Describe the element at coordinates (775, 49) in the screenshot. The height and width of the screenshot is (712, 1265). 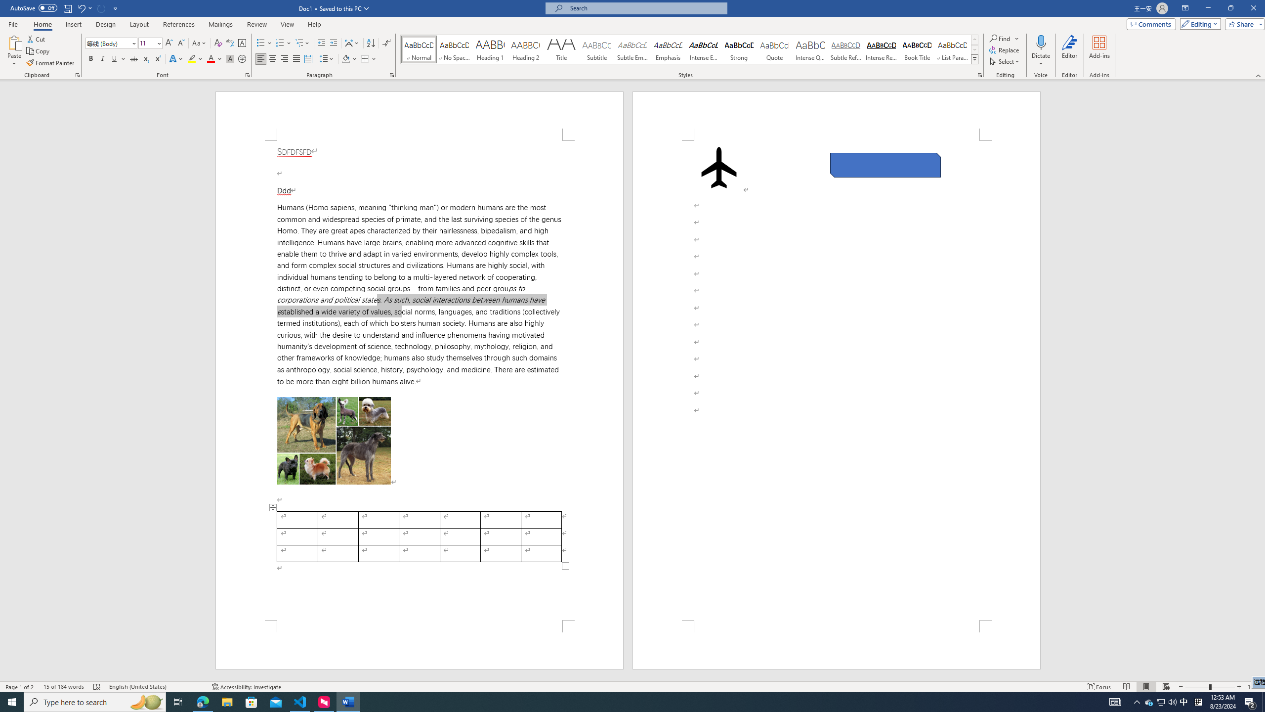
I see `'Quote'` at that location.